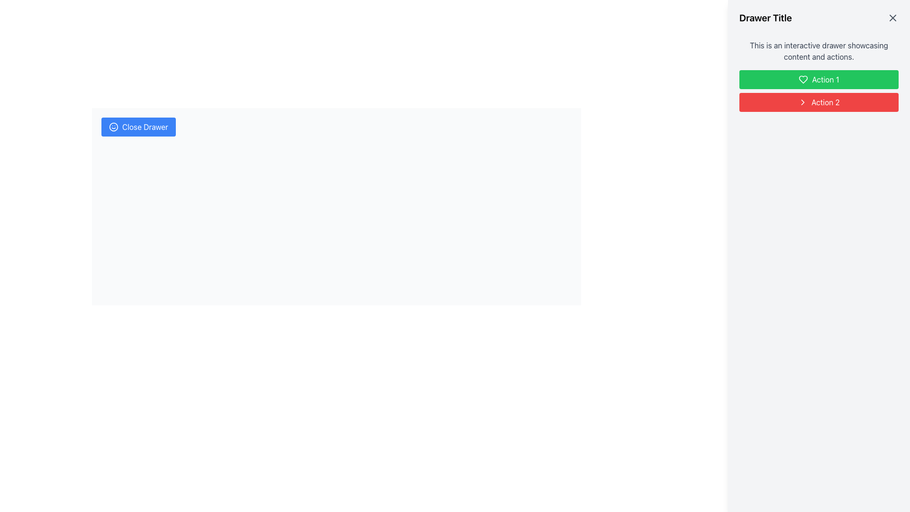  Describe the element at coordinates (892, 18) in the screenshot. I see `the graphical icon component represented by an 'X' shape, which is the close button located in the top right corner of the vertical panel beside the title 'Drawer Title'` at that location.